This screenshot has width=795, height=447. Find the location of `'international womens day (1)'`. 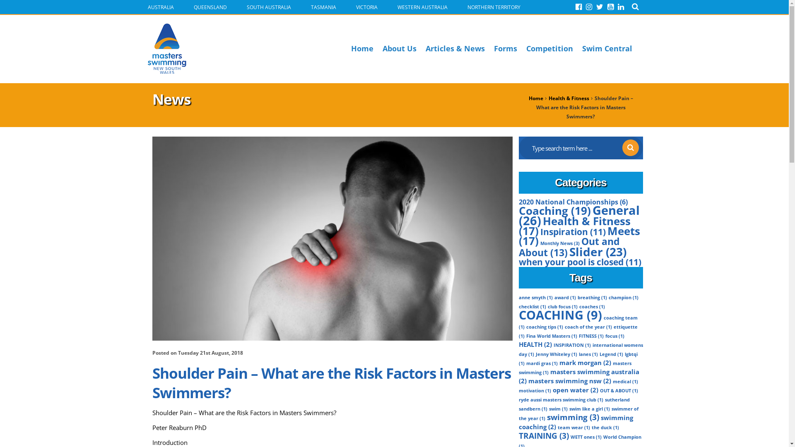

'international womens day (1)' is located at coordinates (580, 349).